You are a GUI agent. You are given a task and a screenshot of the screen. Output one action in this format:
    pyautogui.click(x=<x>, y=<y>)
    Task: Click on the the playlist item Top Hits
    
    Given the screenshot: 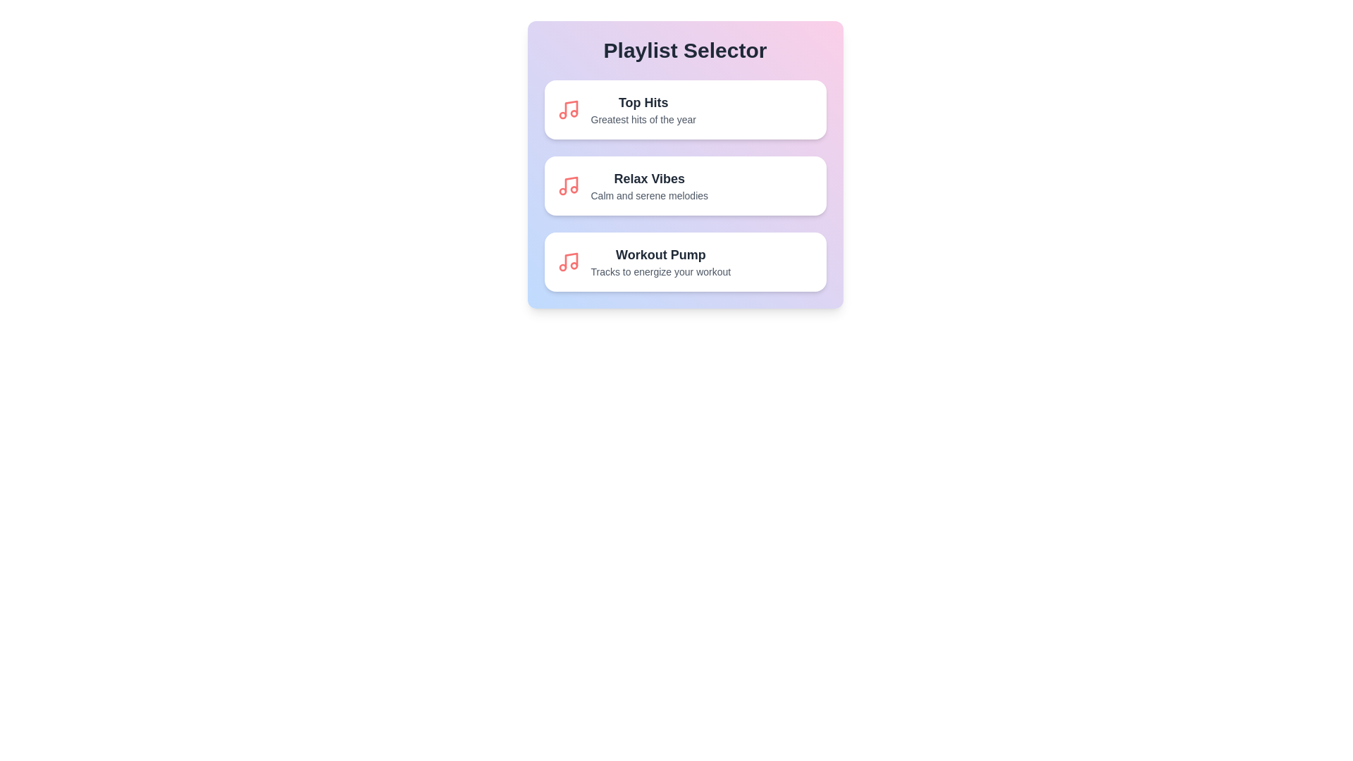 What is the action you would take?
    pyautogui.click(x=685, y=109)
    